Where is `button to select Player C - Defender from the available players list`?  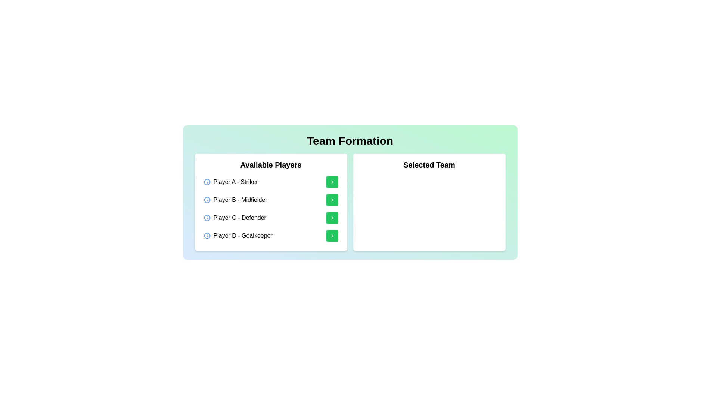
button to select Player C - Defender from the available players list is located at coordinates (332, 218).